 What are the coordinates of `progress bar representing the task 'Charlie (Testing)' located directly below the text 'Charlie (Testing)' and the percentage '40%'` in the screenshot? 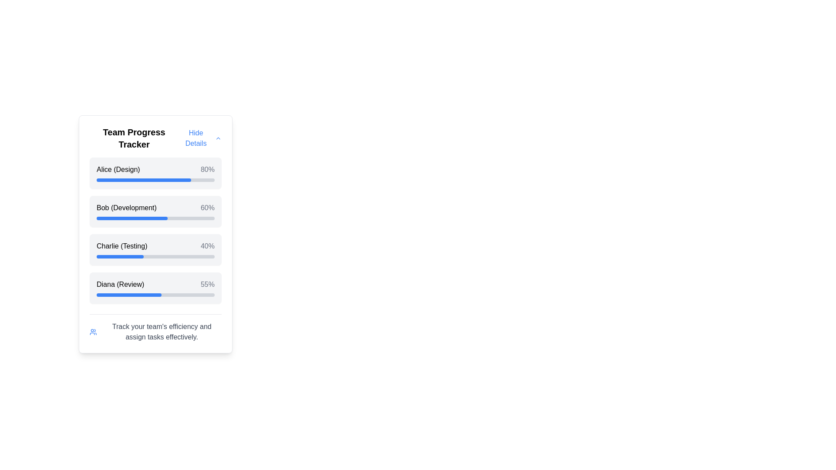 It's located at (155, 256).